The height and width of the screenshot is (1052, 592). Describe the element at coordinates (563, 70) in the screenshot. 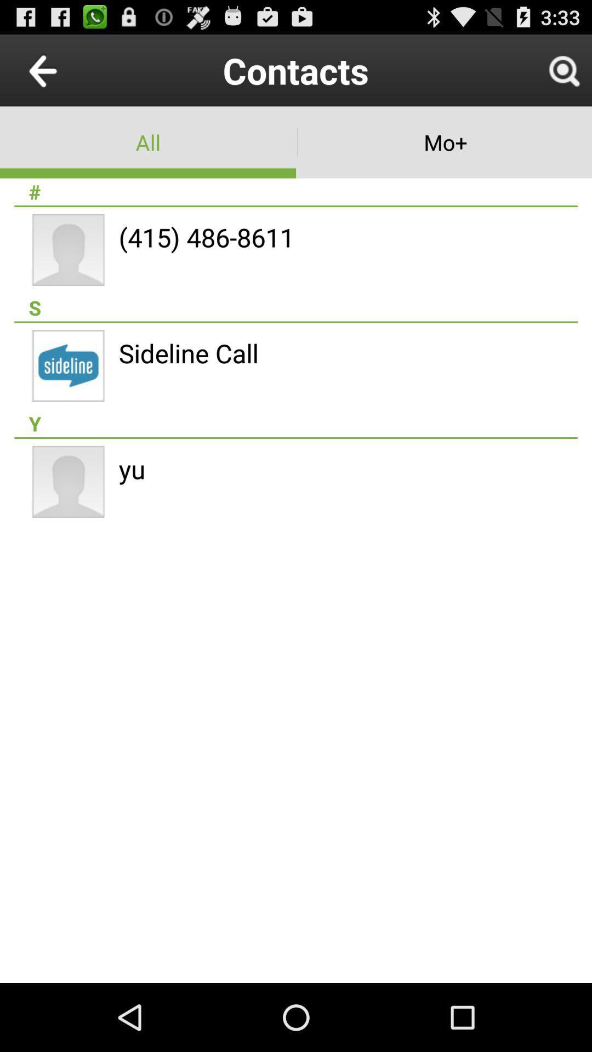

I see `look clser icon` at that location.